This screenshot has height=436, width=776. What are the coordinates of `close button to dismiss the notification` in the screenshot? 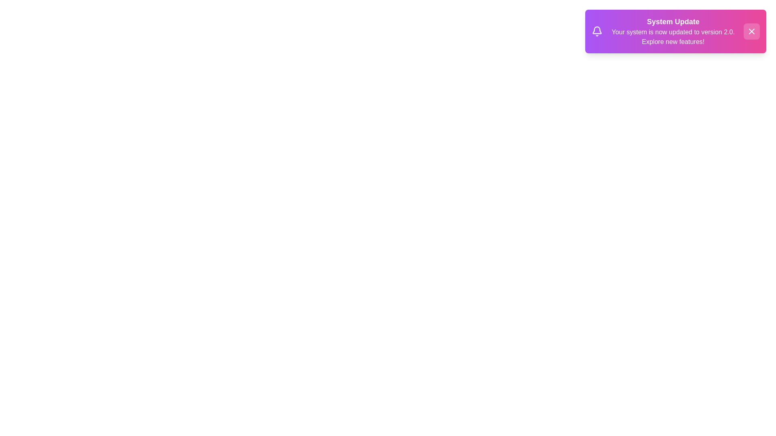 It's located at (751, 31).